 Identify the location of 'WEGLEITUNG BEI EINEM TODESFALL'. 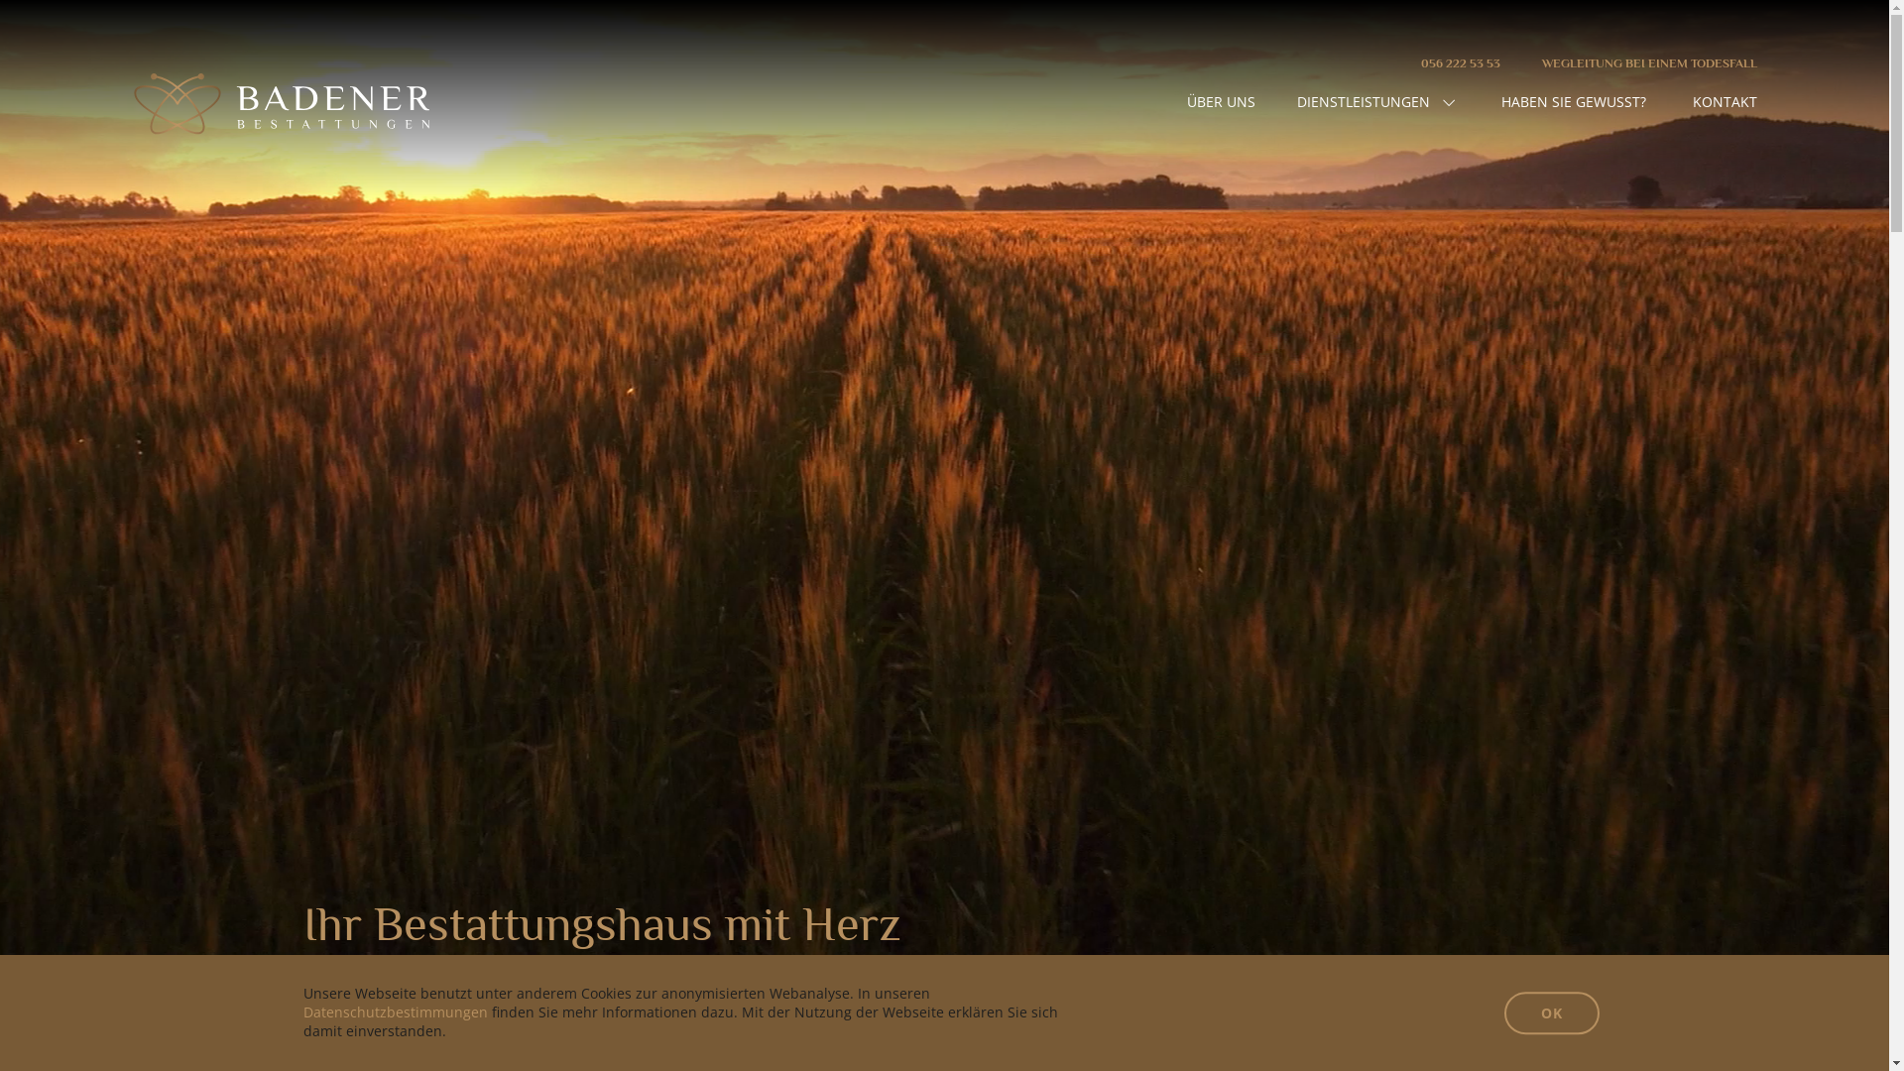
(1649, 62).